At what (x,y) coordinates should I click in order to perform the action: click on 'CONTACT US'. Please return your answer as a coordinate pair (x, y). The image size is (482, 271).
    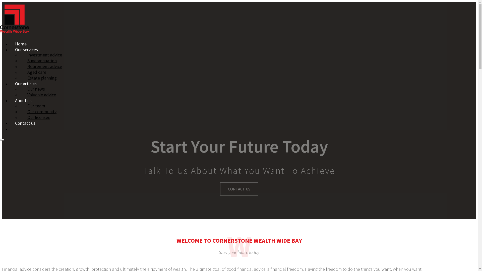
    Looking at the image, I should click on (239, 189).